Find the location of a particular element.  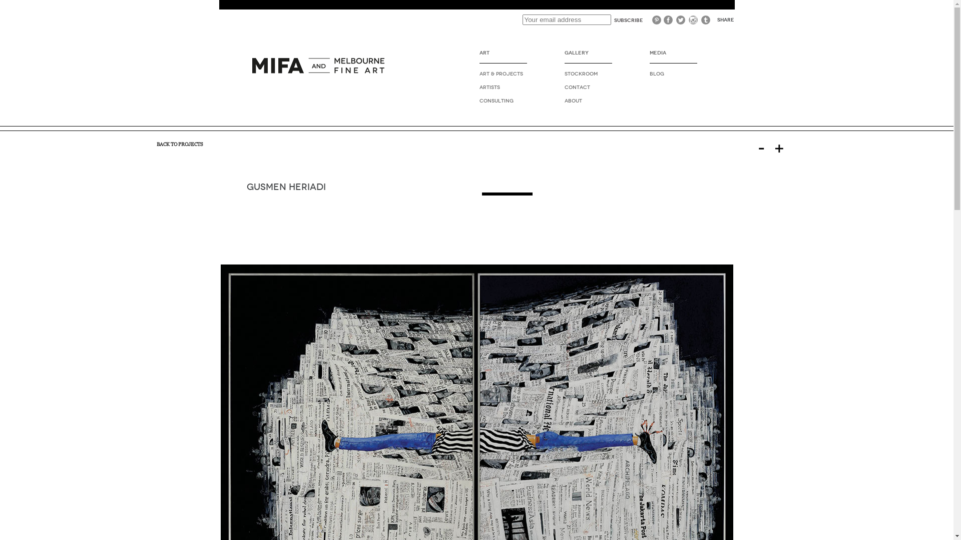

'PLUG2STUDIO' is located at coordinates (246, 72).